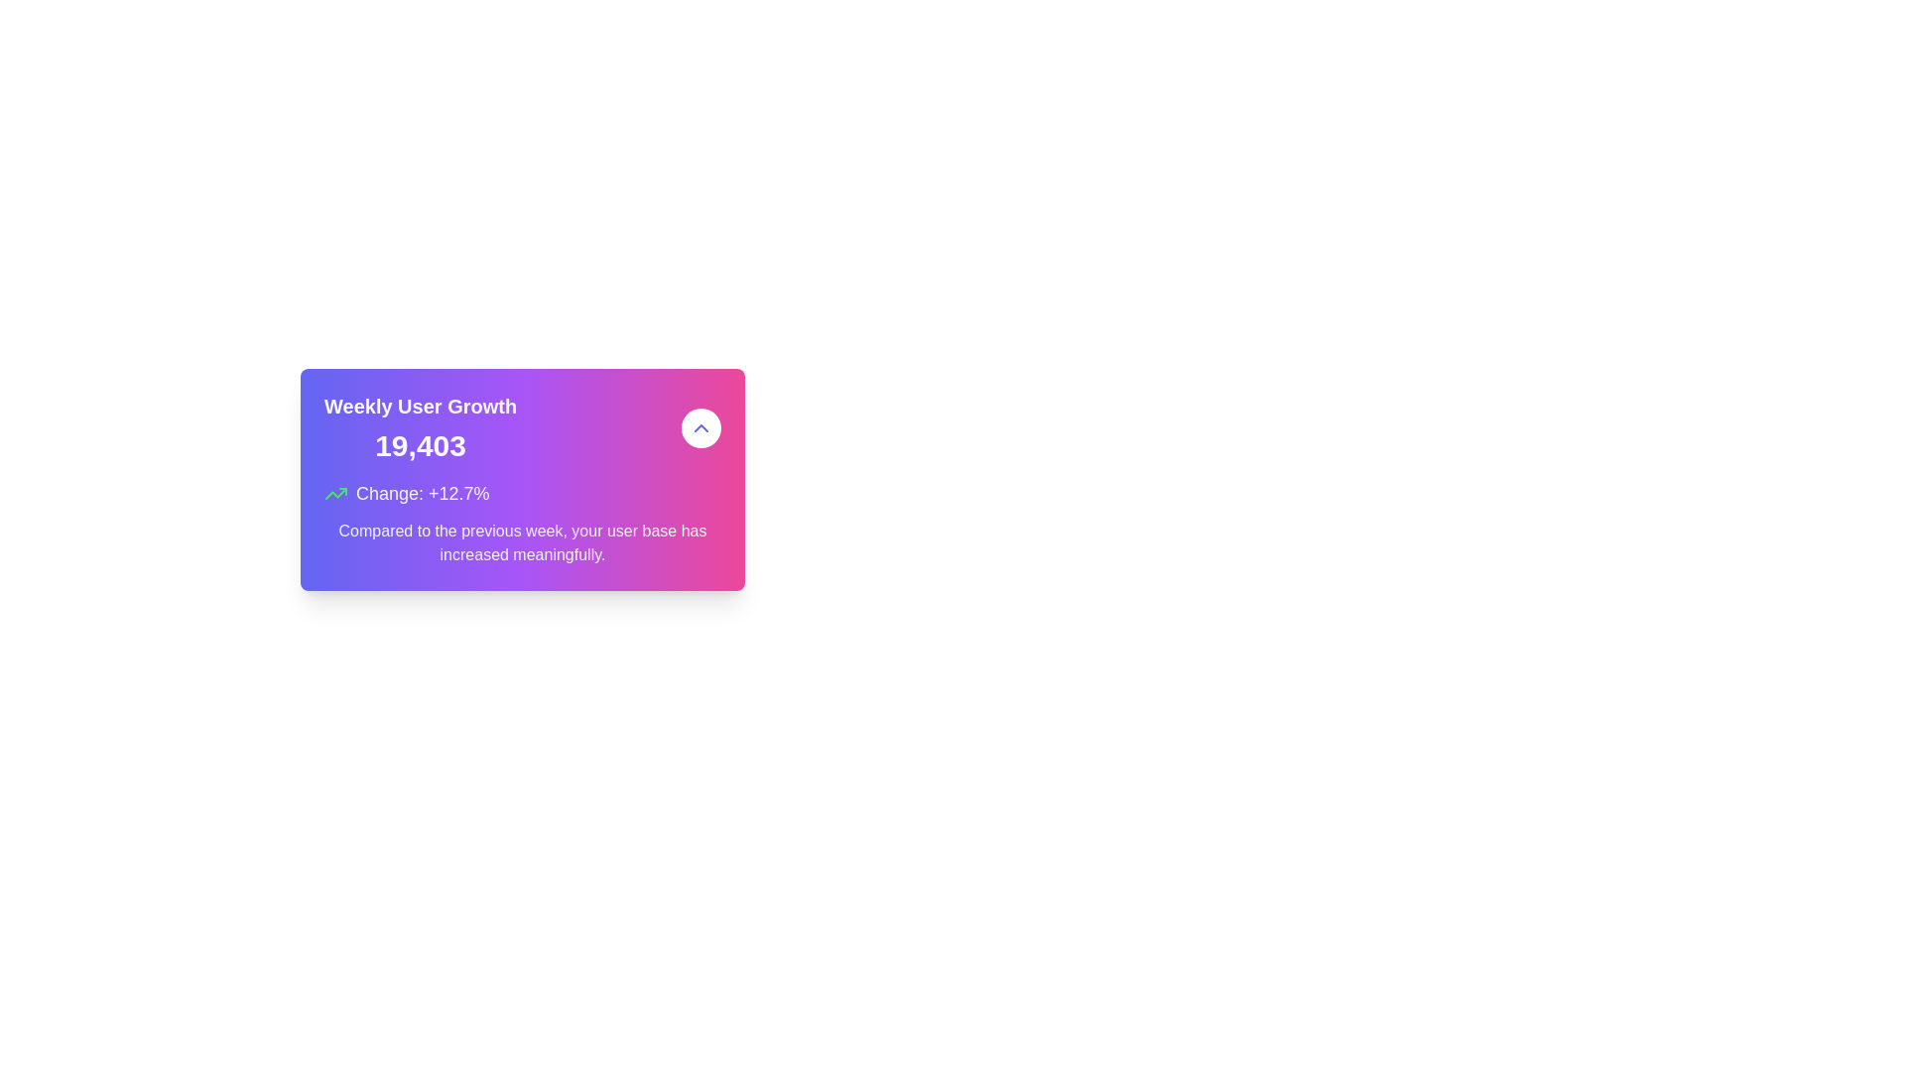  Describe the element at coordinates (420, 446) in the screenshot. I see `the static text display that shows the numerical representation of weekly user growth, located directly below the 'Weekly User Growth' text` at that location.